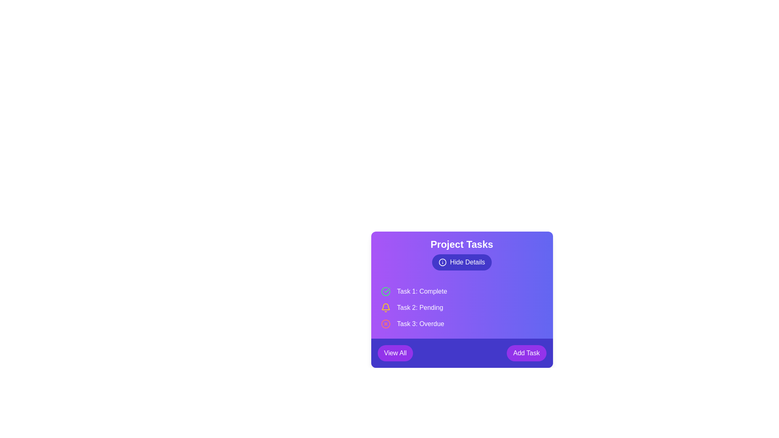  What do you see at coordinates (385, 308) in the screenshot?
I see `the bell-shaped notification icon with a yellow outline that is located next to the text 'Task 2: Pending'` at bounding box center [385, 308].